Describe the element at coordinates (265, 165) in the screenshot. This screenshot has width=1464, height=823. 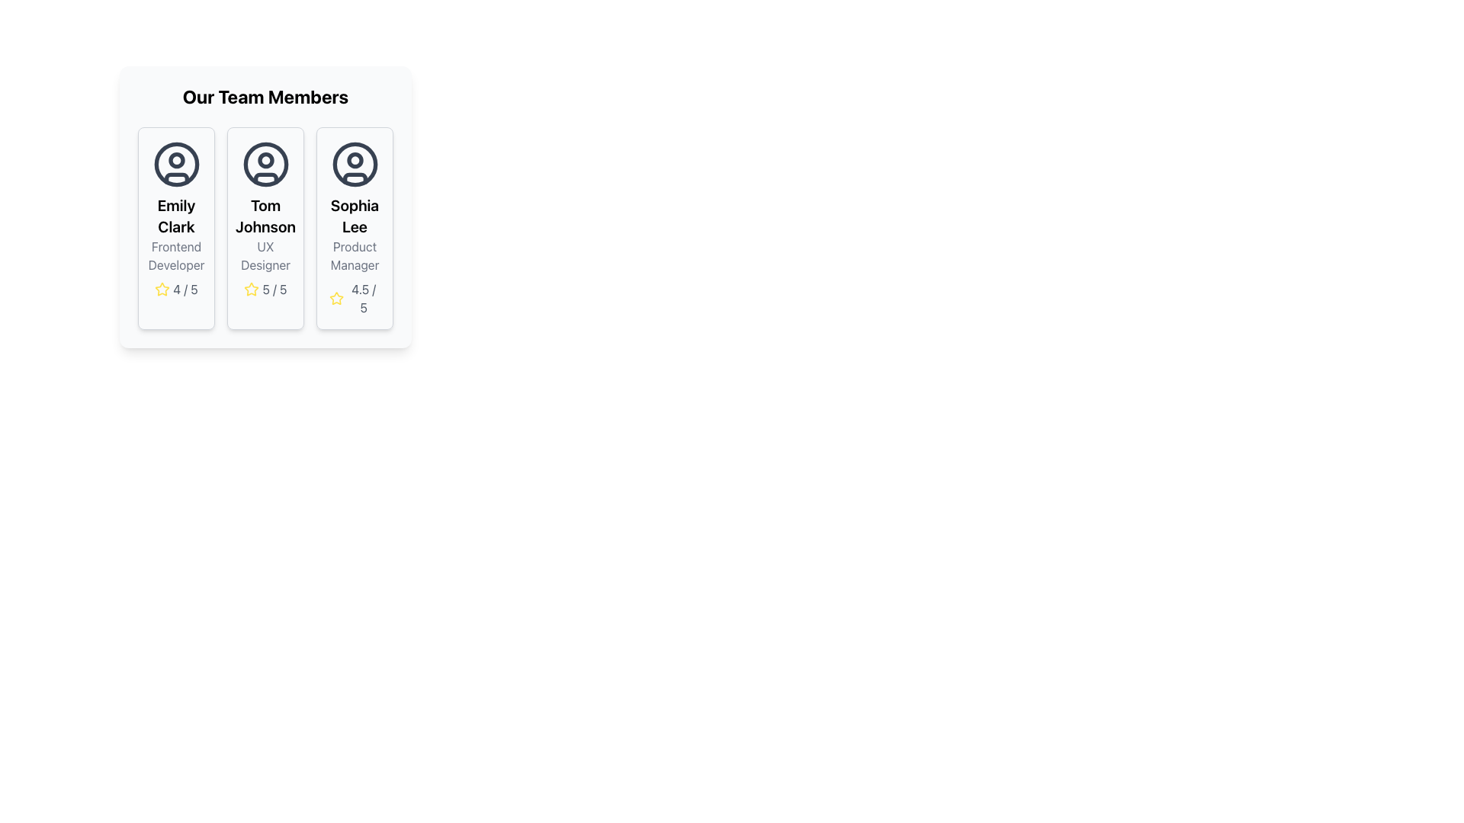
I see `the avatar icon representing user 'Tom Johnson' in the team members' profile display, which is located in the second card of a horizontally aligned list of three cards` at that location.